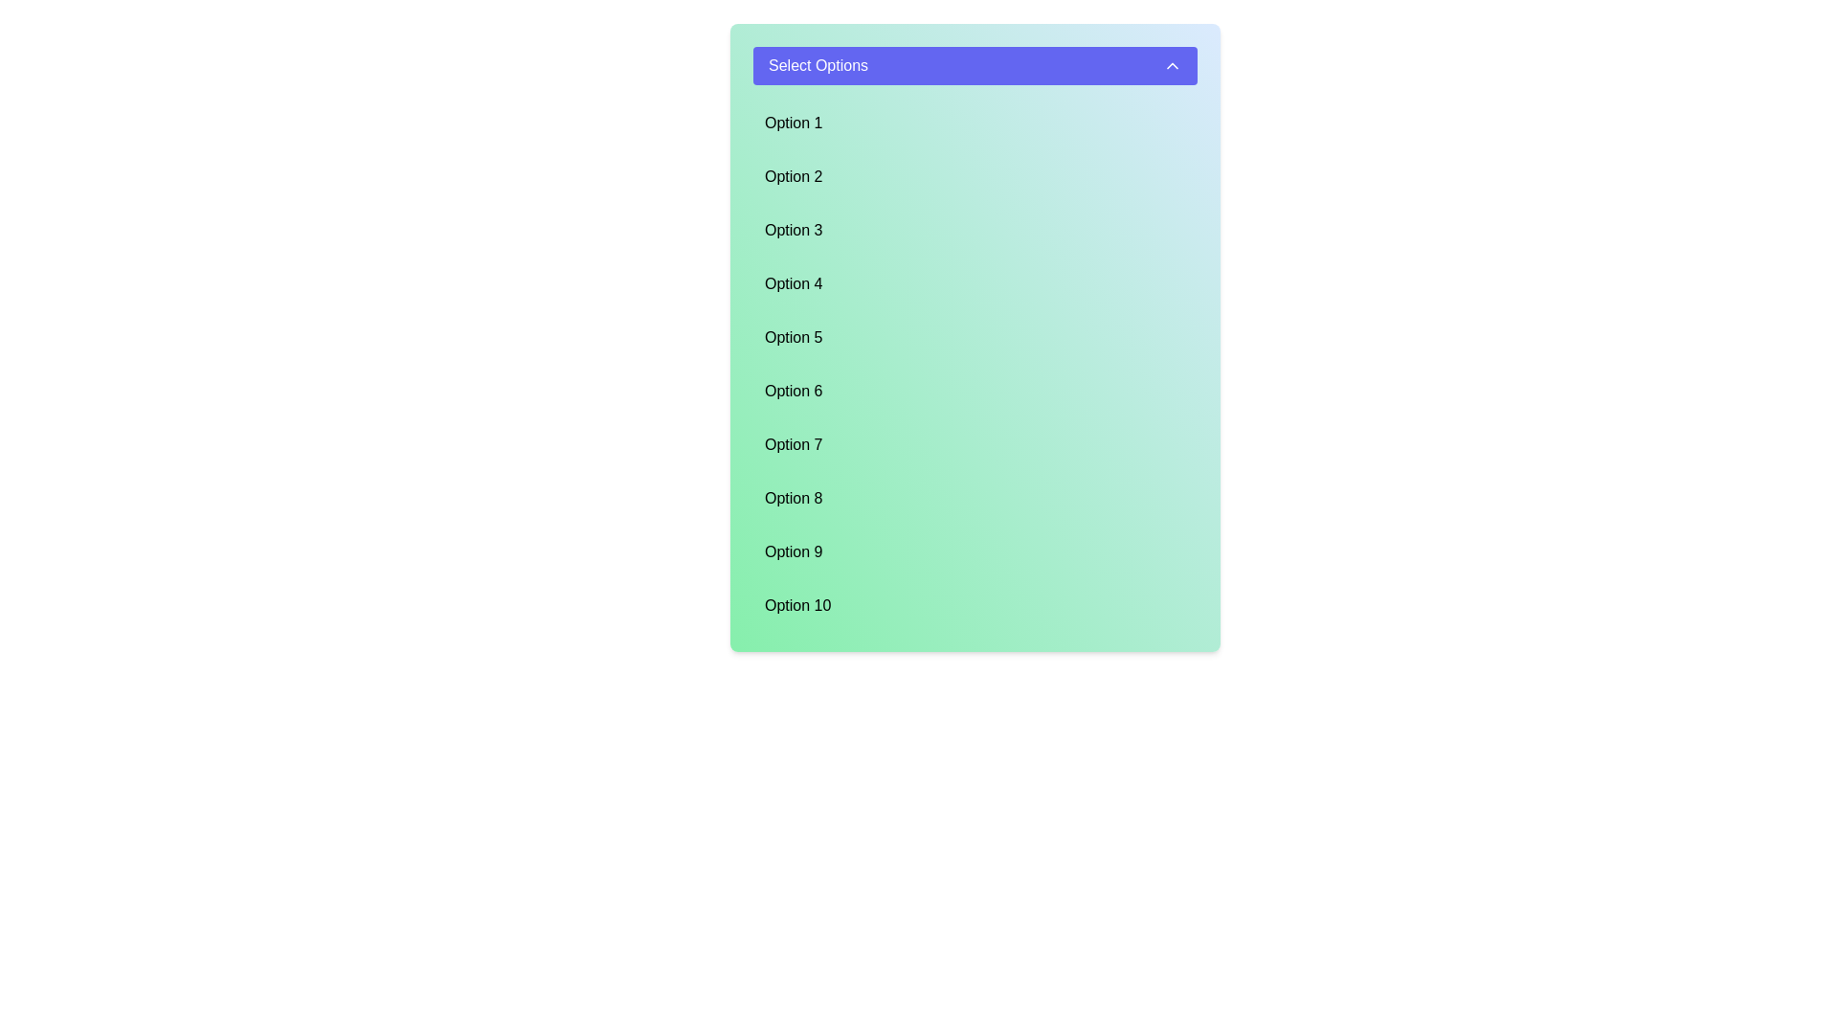 Image resolution: width=1838 pixels, height=1034 pixels. I want to click on the List item displaying 'Option 8' with a light green gradient background, so click(975, 497).